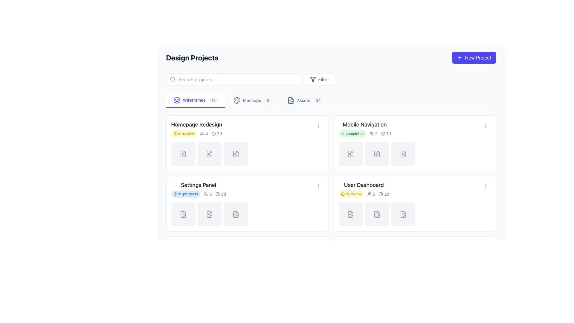 The width and height of the screenshot is (574, 323). Describe the element at coordinates (235, 214) in the screenshot. I see `the Icon placeholder in the grid layout, which serves as a visual cue for image documents and is located in the bottom-right position of the 'Settings Panel' card` at that location.